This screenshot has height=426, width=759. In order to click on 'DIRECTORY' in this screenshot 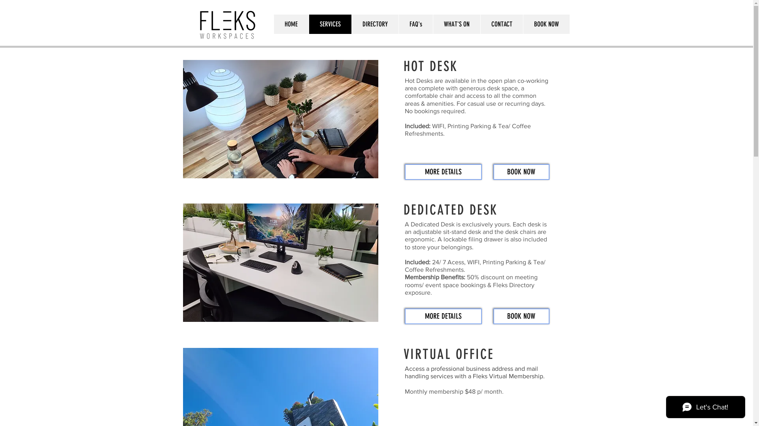, I will do `click(374, 24)`.